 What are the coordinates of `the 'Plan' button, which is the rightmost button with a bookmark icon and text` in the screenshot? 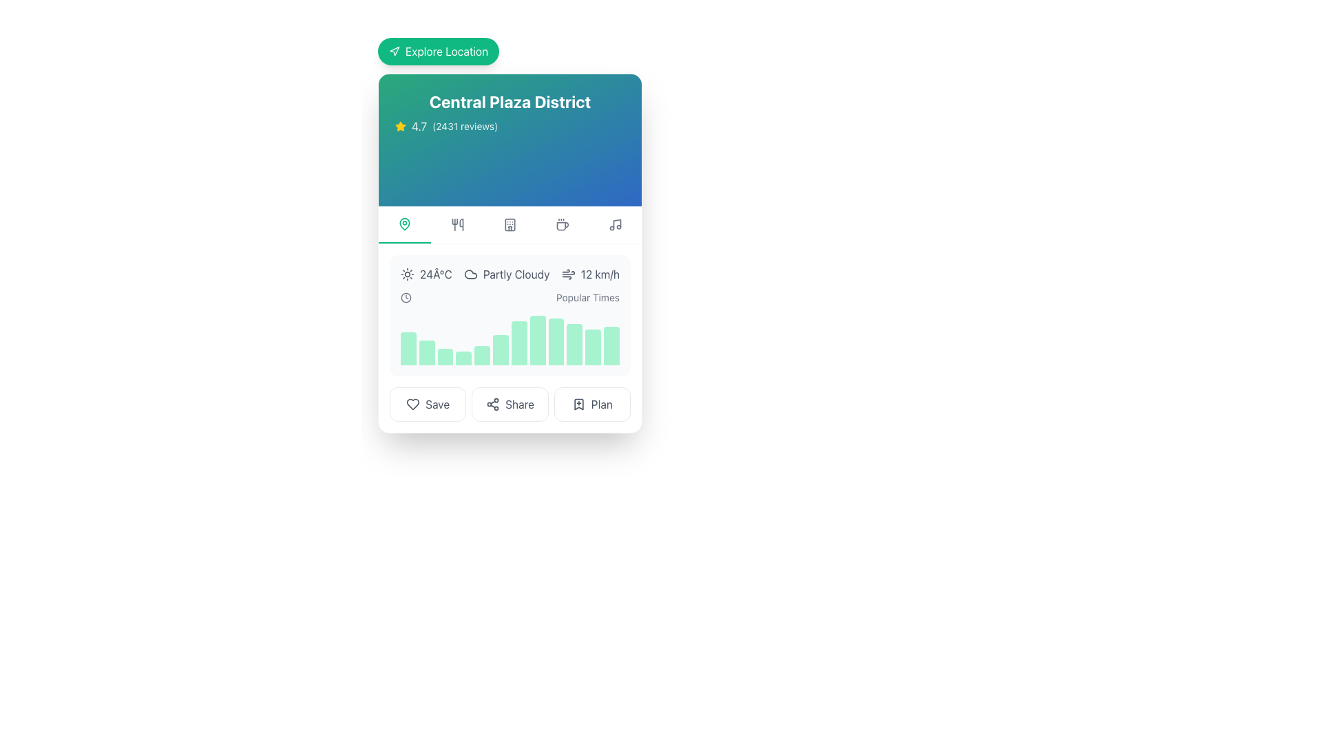 It's located at (592, 403).